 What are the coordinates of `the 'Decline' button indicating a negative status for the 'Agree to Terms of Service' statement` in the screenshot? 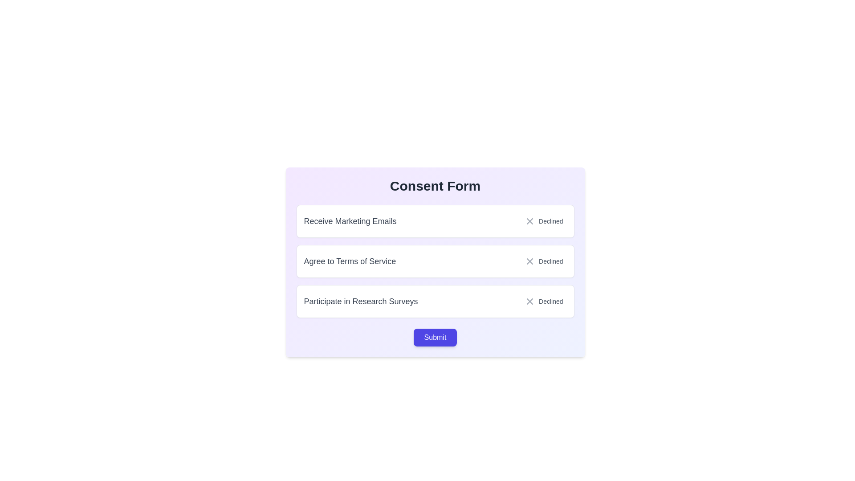 It's located at (543, 261).